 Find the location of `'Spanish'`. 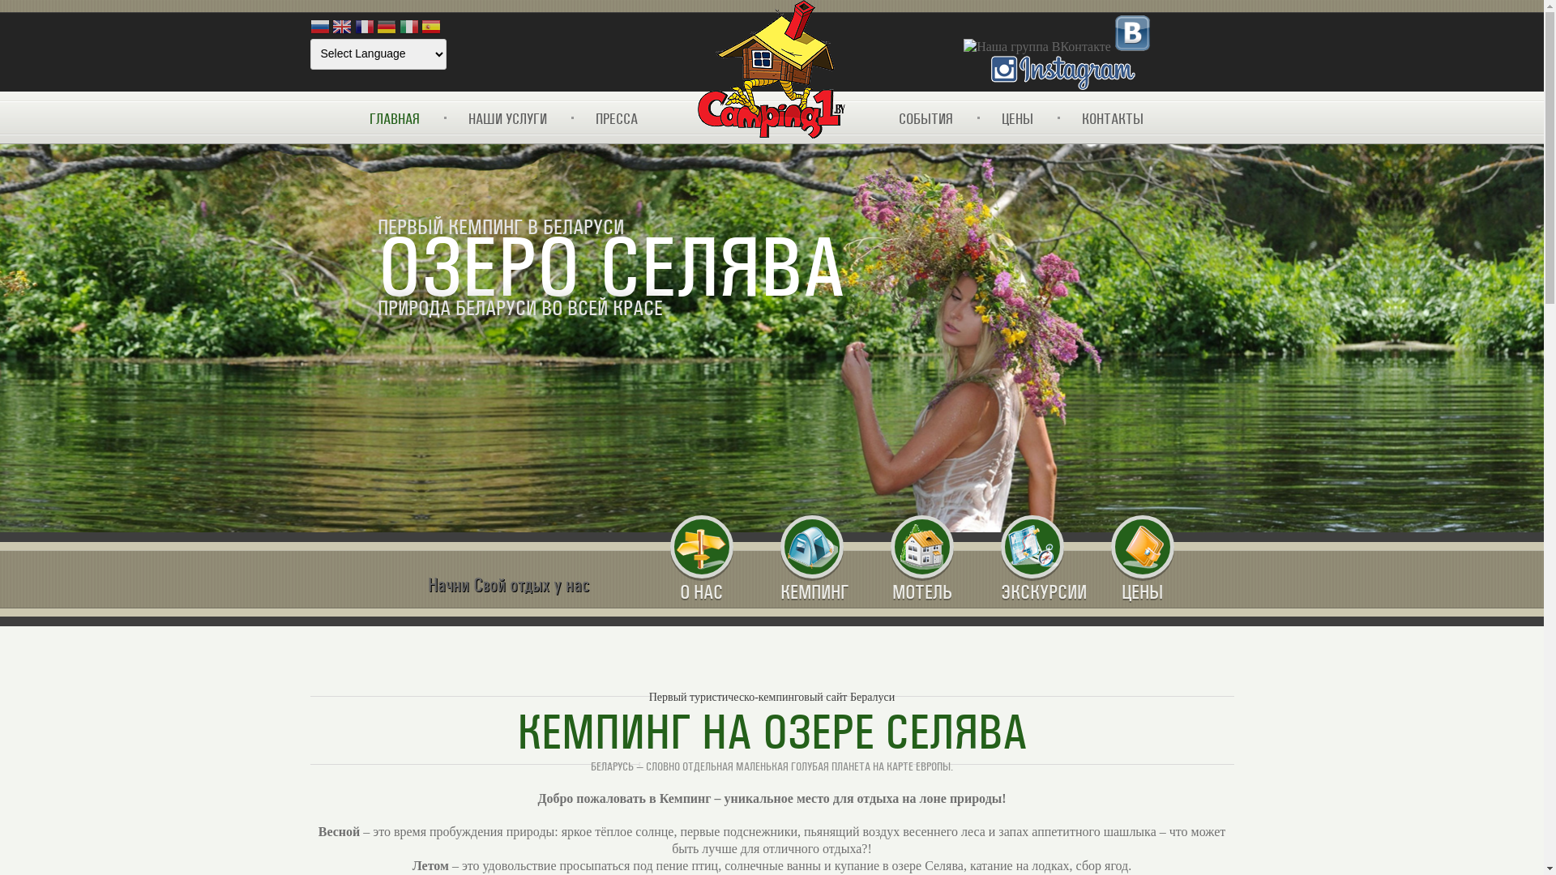

'Spanish' is located at coordinates (431, 28).